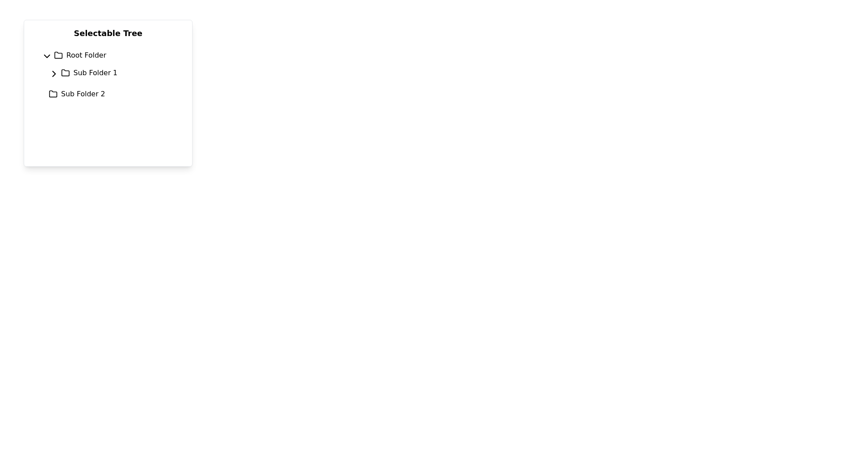 This screenshot has height=475, width=844. What do you see at coordinates (65, 72) in the screenshot?
I see `the folder icon representing 'Sub Folder 1' in the Selectable Tree section` at bounding box center [65, 72].